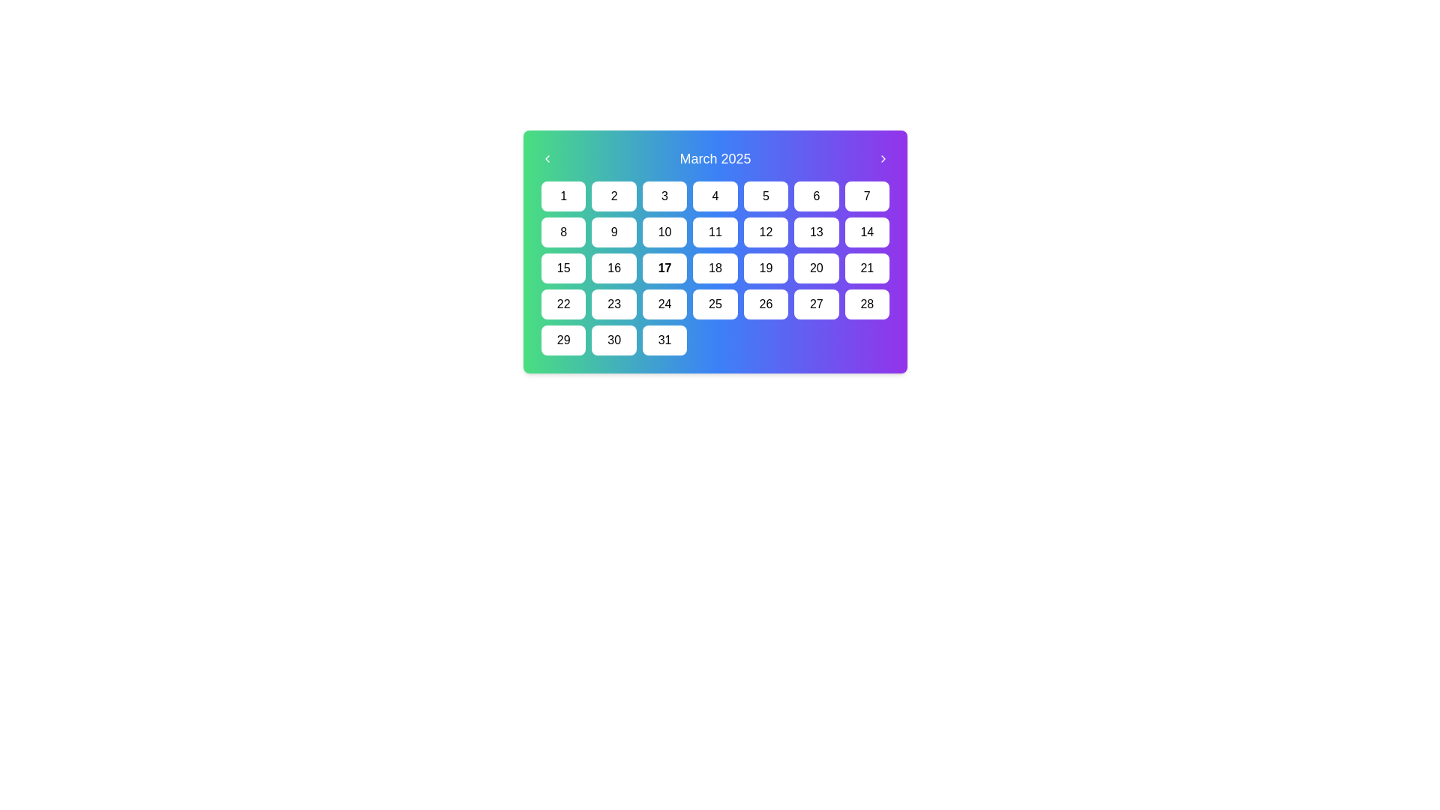 The width and height of the screenshot is (1440, 810). I want to click on to select the Calendar Date Box displaying the number '30', which is a white rounded rectangular box with a black number centered within it, so click(614, 340).